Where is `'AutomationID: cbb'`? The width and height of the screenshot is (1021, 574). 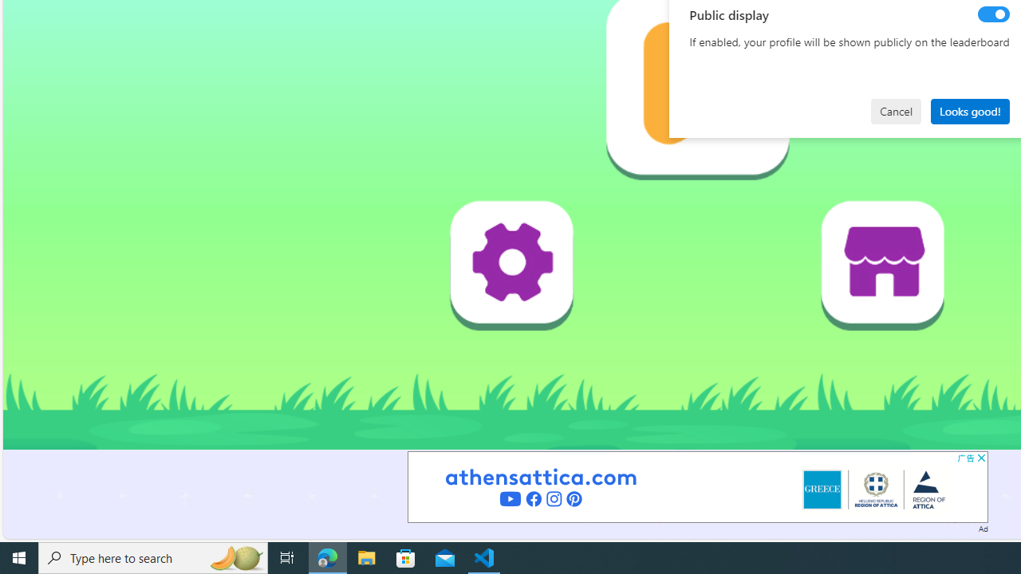 'AutomationID: cbb' is located at coordinates (980, 458).